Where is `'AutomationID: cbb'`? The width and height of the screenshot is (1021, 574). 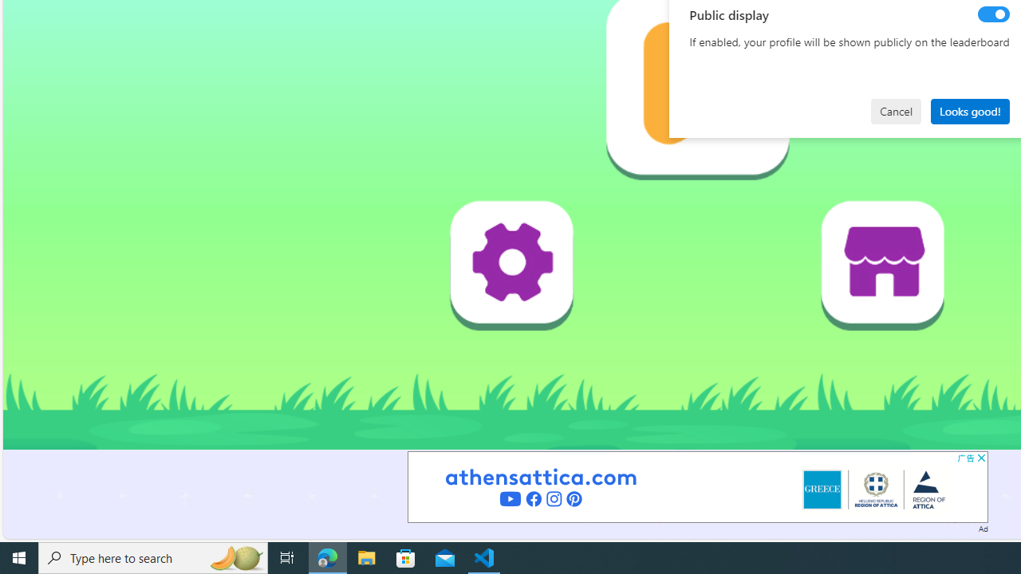 'AutomationID: cbb' is located at coordinates (980, 458).